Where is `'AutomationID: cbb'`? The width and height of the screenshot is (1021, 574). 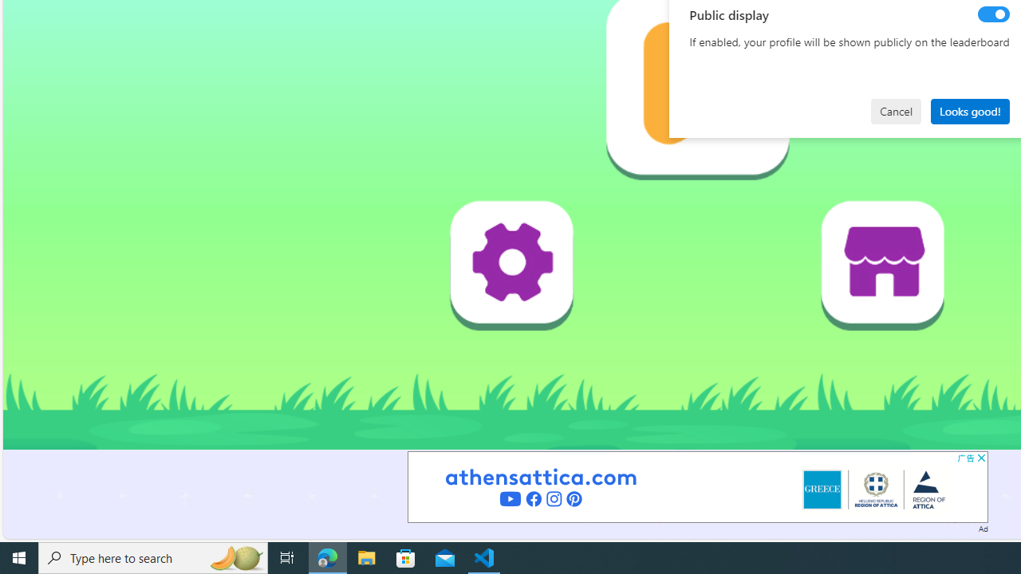 'AutomationID: cbb' is located at coordinates (980, 458).